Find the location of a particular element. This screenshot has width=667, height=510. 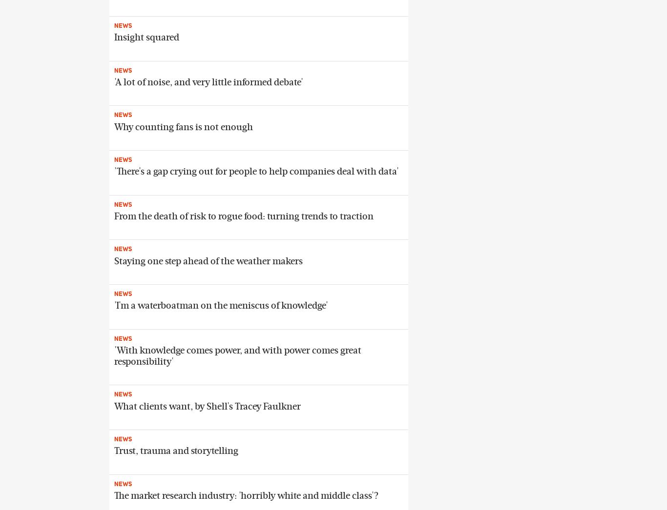

''With knowledge comes power, and with power comes great responsibility'' is located at coordinates (237, 356).